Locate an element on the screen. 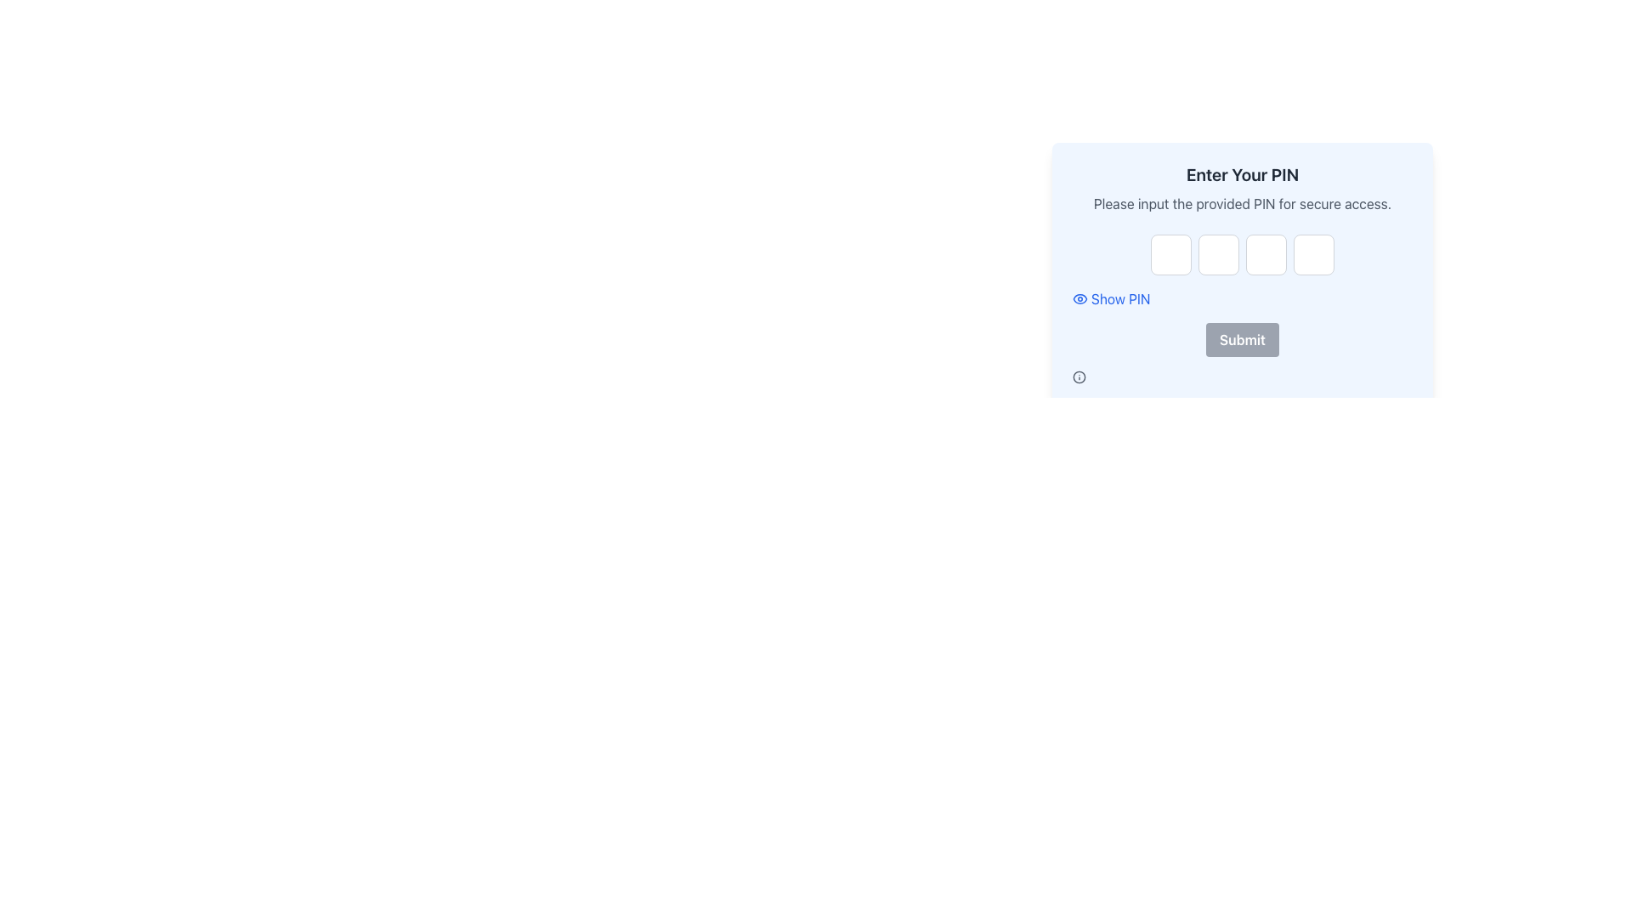 This screenshot has height=918, width=1632. instruction text label located beneath the heading 'Enter Your PIN' and above the PIN input fields is located at coordinates (1243, 202).